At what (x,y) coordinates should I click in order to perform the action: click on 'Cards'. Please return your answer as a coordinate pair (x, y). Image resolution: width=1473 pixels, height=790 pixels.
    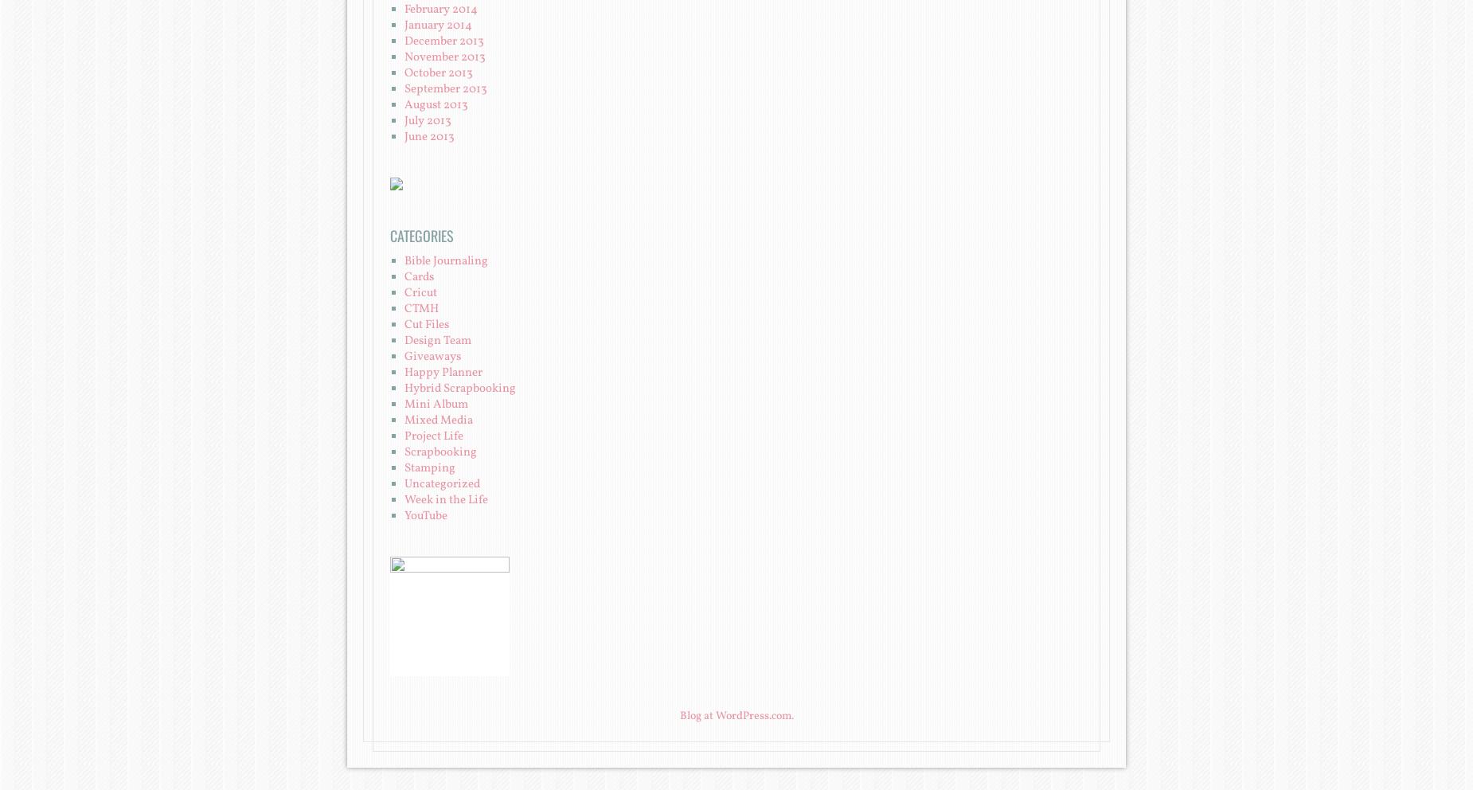
    Looking at the image, I should click on (419, 276).